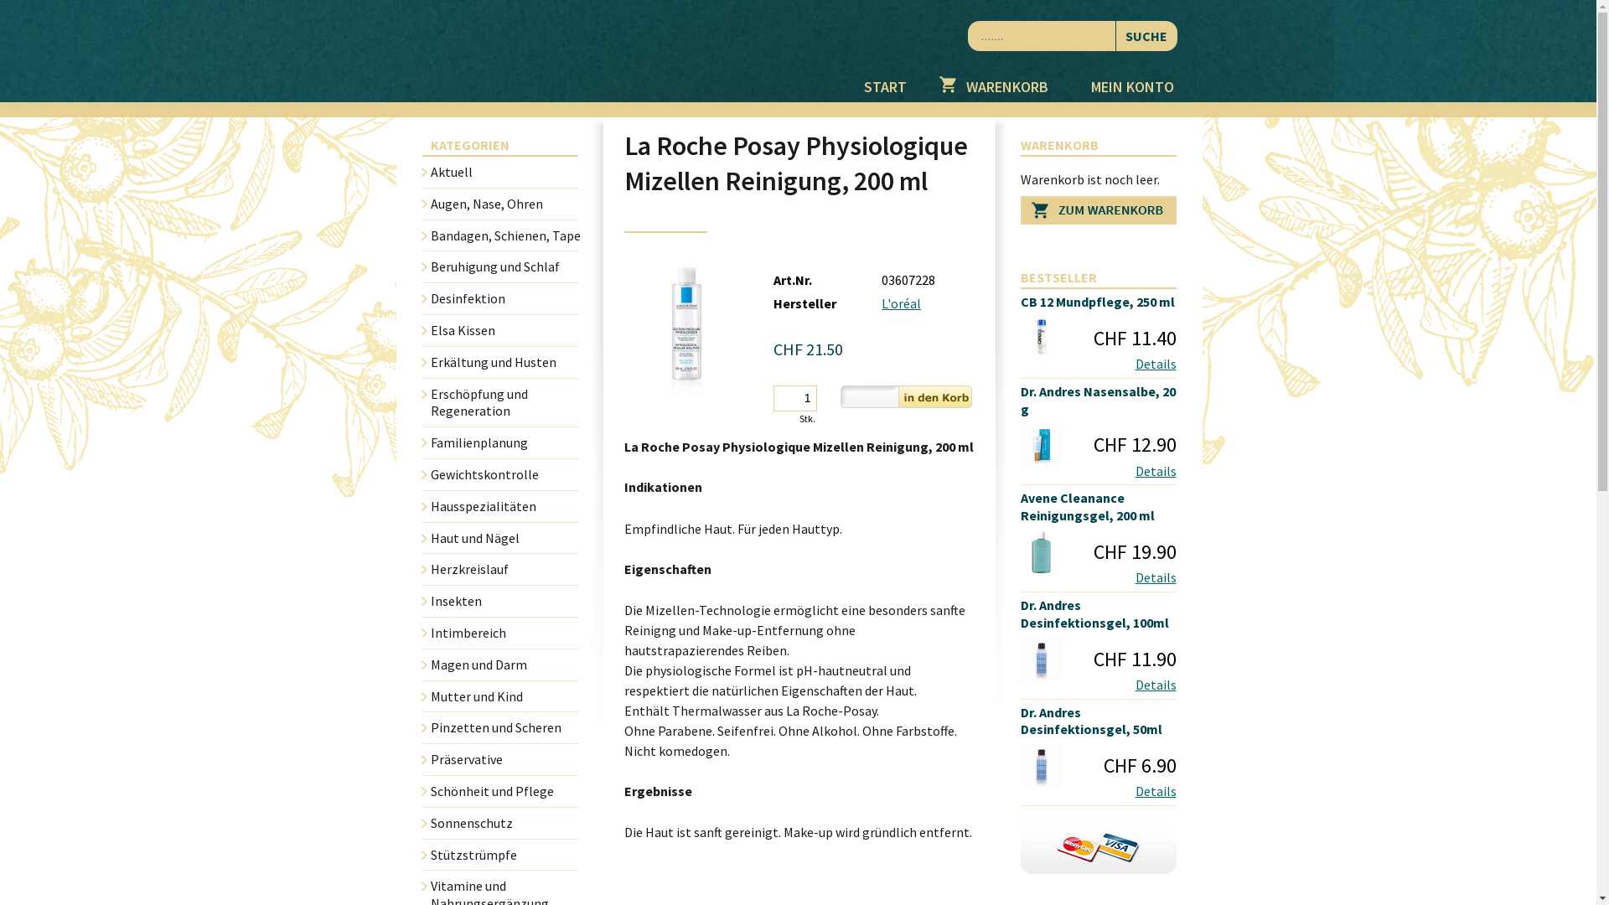 The height and width of the screenshot is (905, 1609). Describe the element at coordinates (503, 600) in the screenshot. I see `'Insekten'` at that location.